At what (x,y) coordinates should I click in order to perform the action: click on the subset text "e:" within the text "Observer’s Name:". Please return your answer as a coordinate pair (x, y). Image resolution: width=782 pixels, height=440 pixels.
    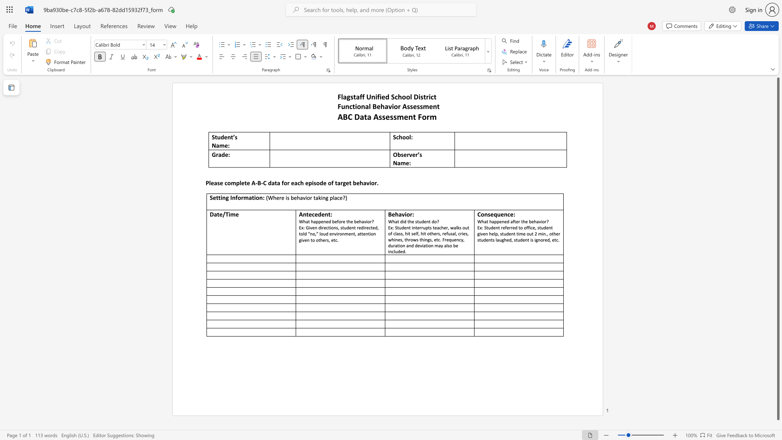
    Looking at the image, I should click on (406, 163).